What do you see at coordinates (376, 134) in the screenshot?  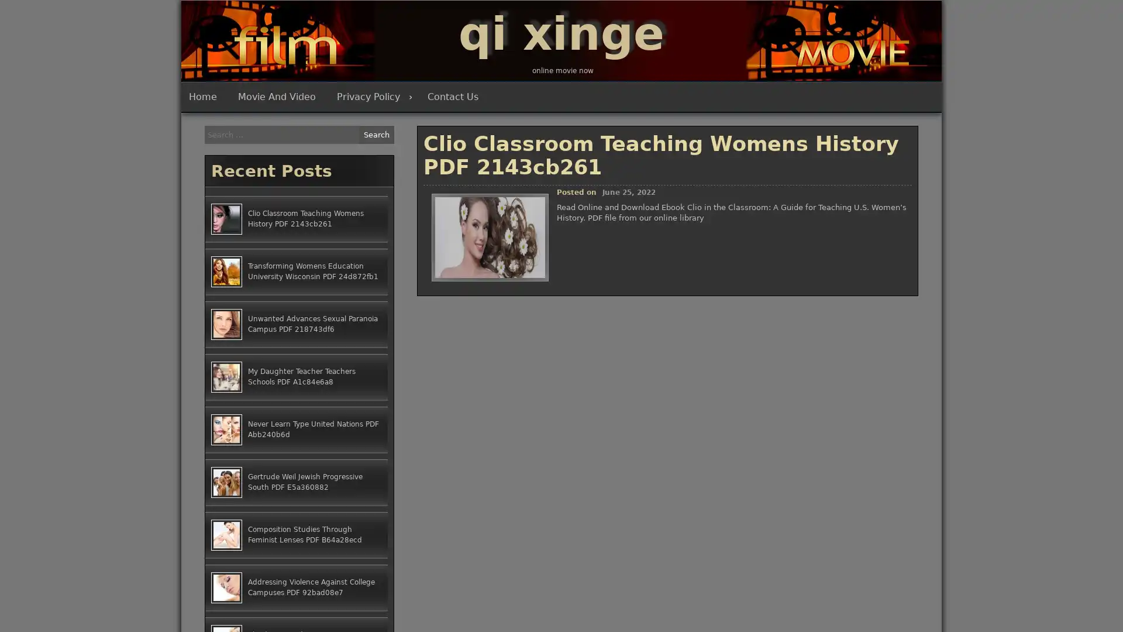 I see `Search` at bounding box center [376, 134].